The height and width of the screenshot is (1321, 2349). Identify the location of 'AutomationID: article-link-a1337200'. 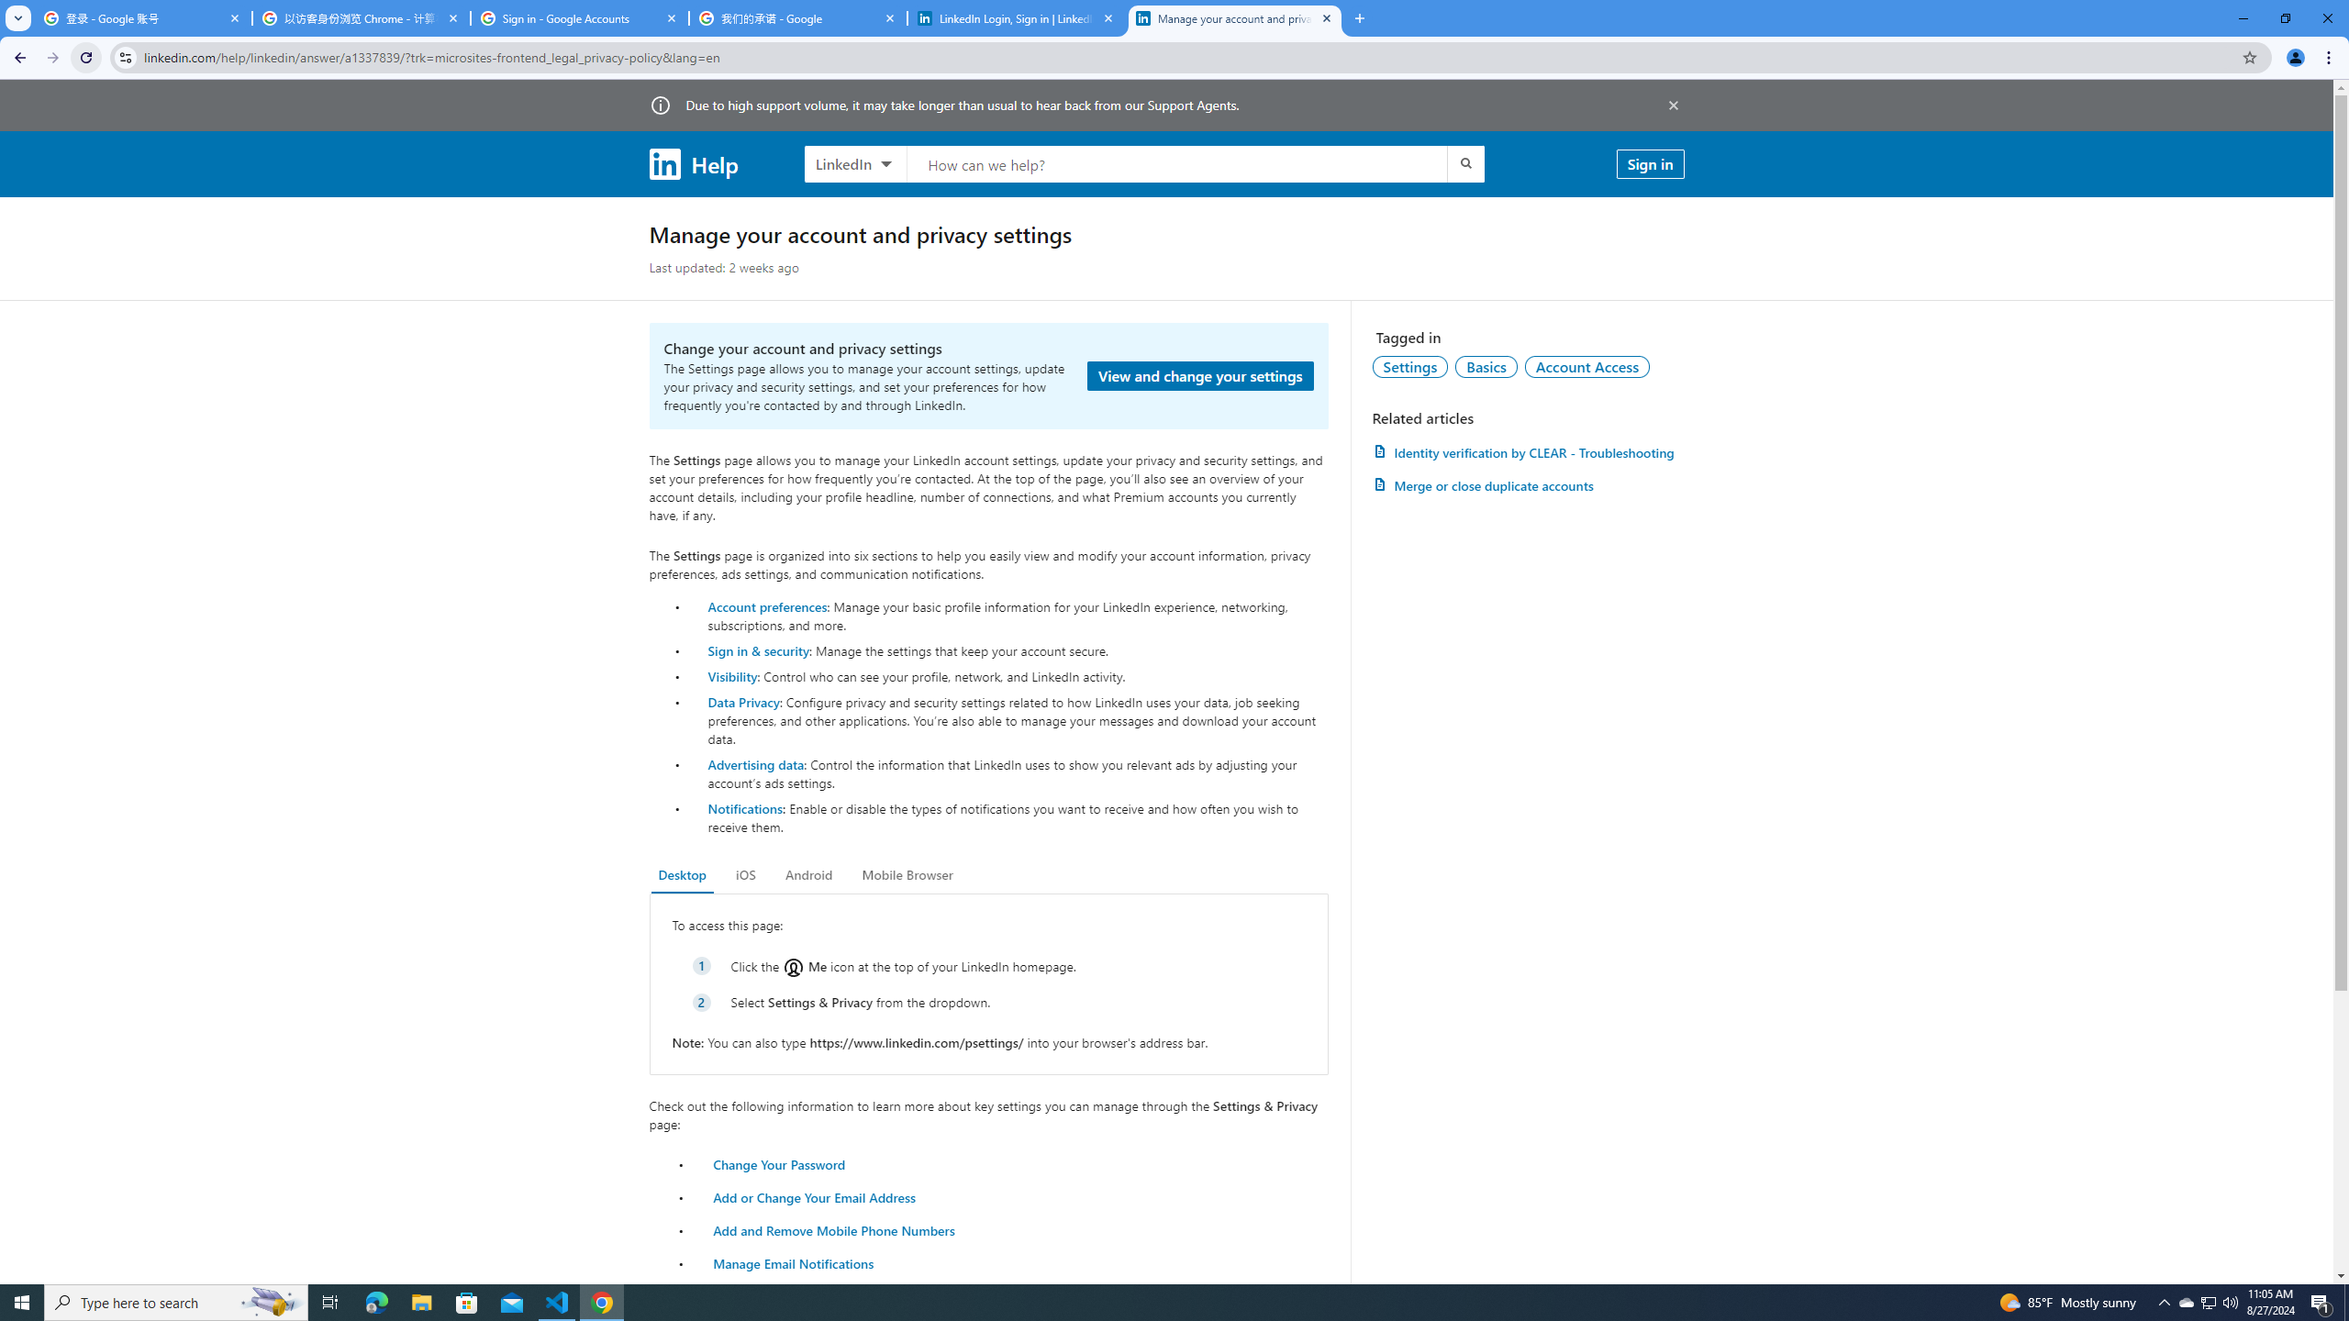
(1527, 484).